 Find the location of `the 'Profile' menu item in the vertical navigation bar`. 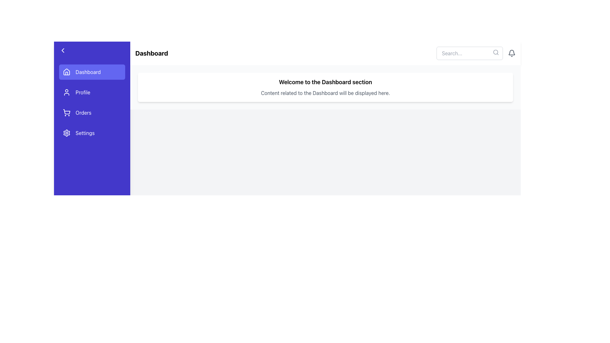

the 'Profile' menu item in the vertical navigation bar is located at coordinates (83, 92).